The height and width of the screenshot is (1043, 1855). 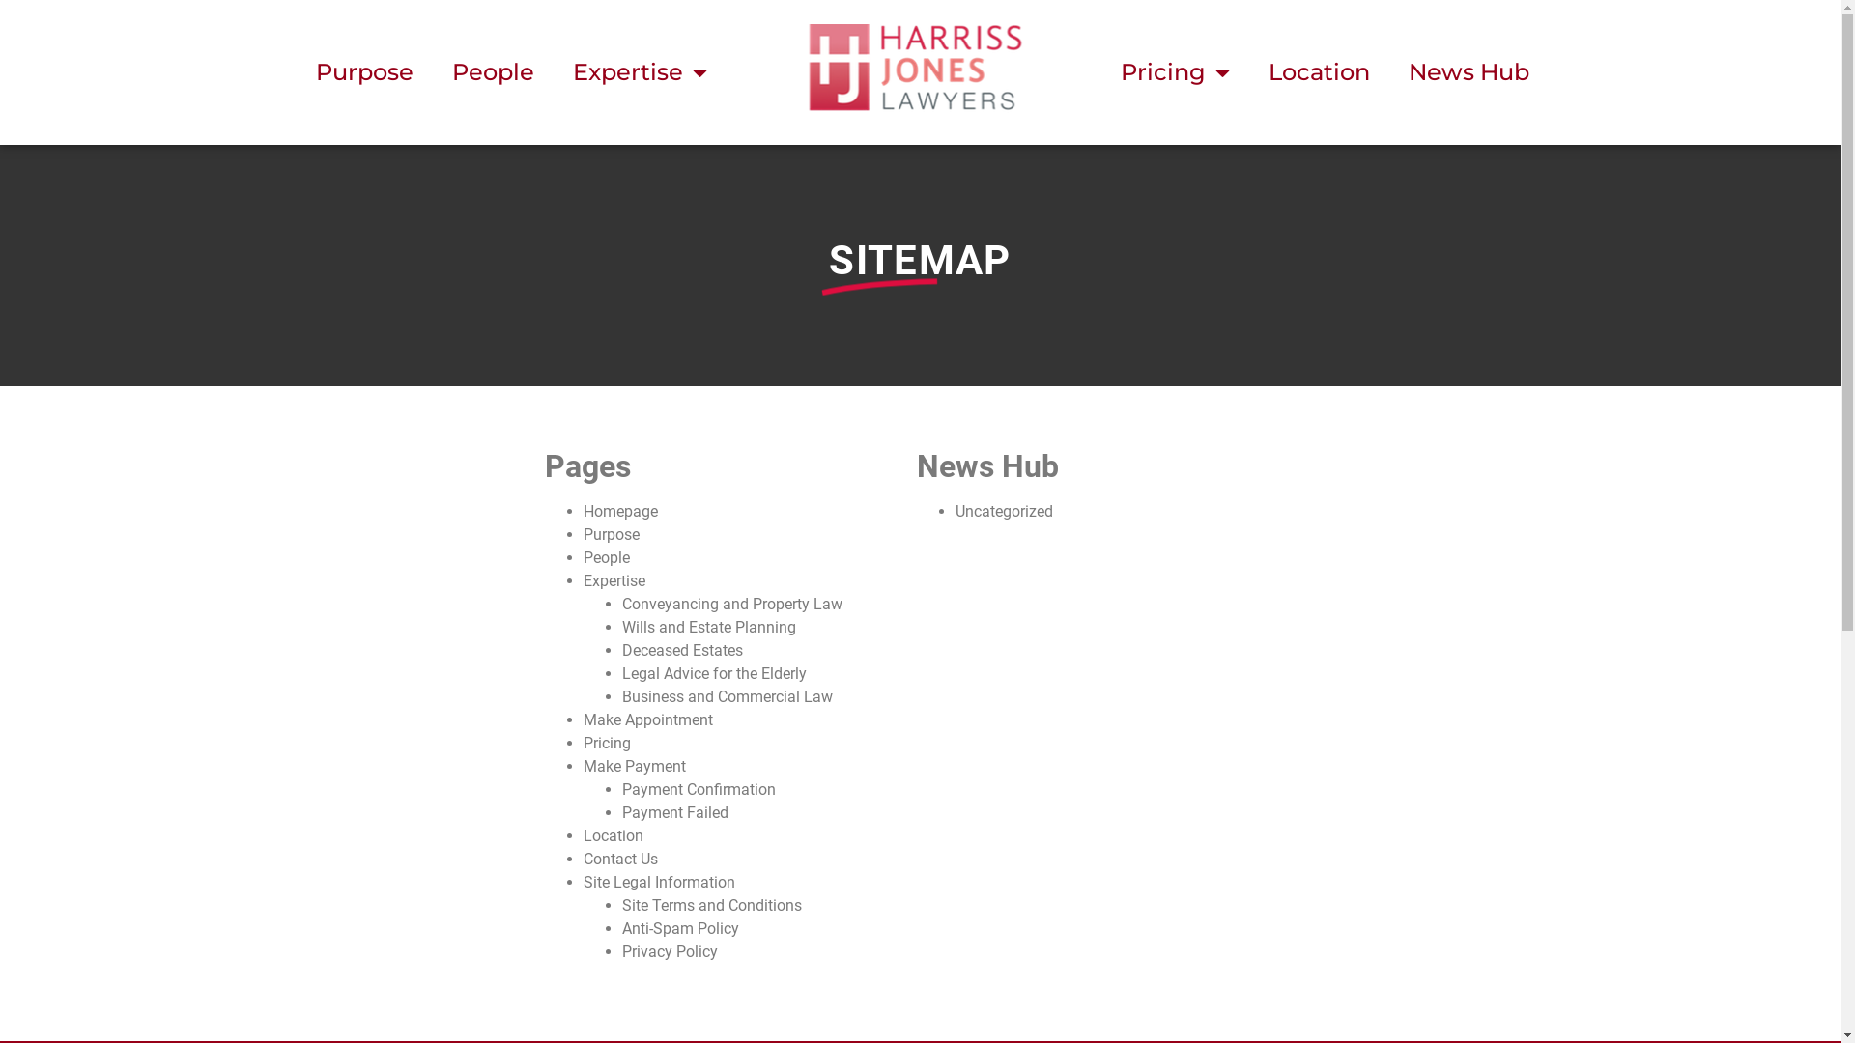 I want to click on 'Legal Advice for the Elderly', so click(x=713, y=672).